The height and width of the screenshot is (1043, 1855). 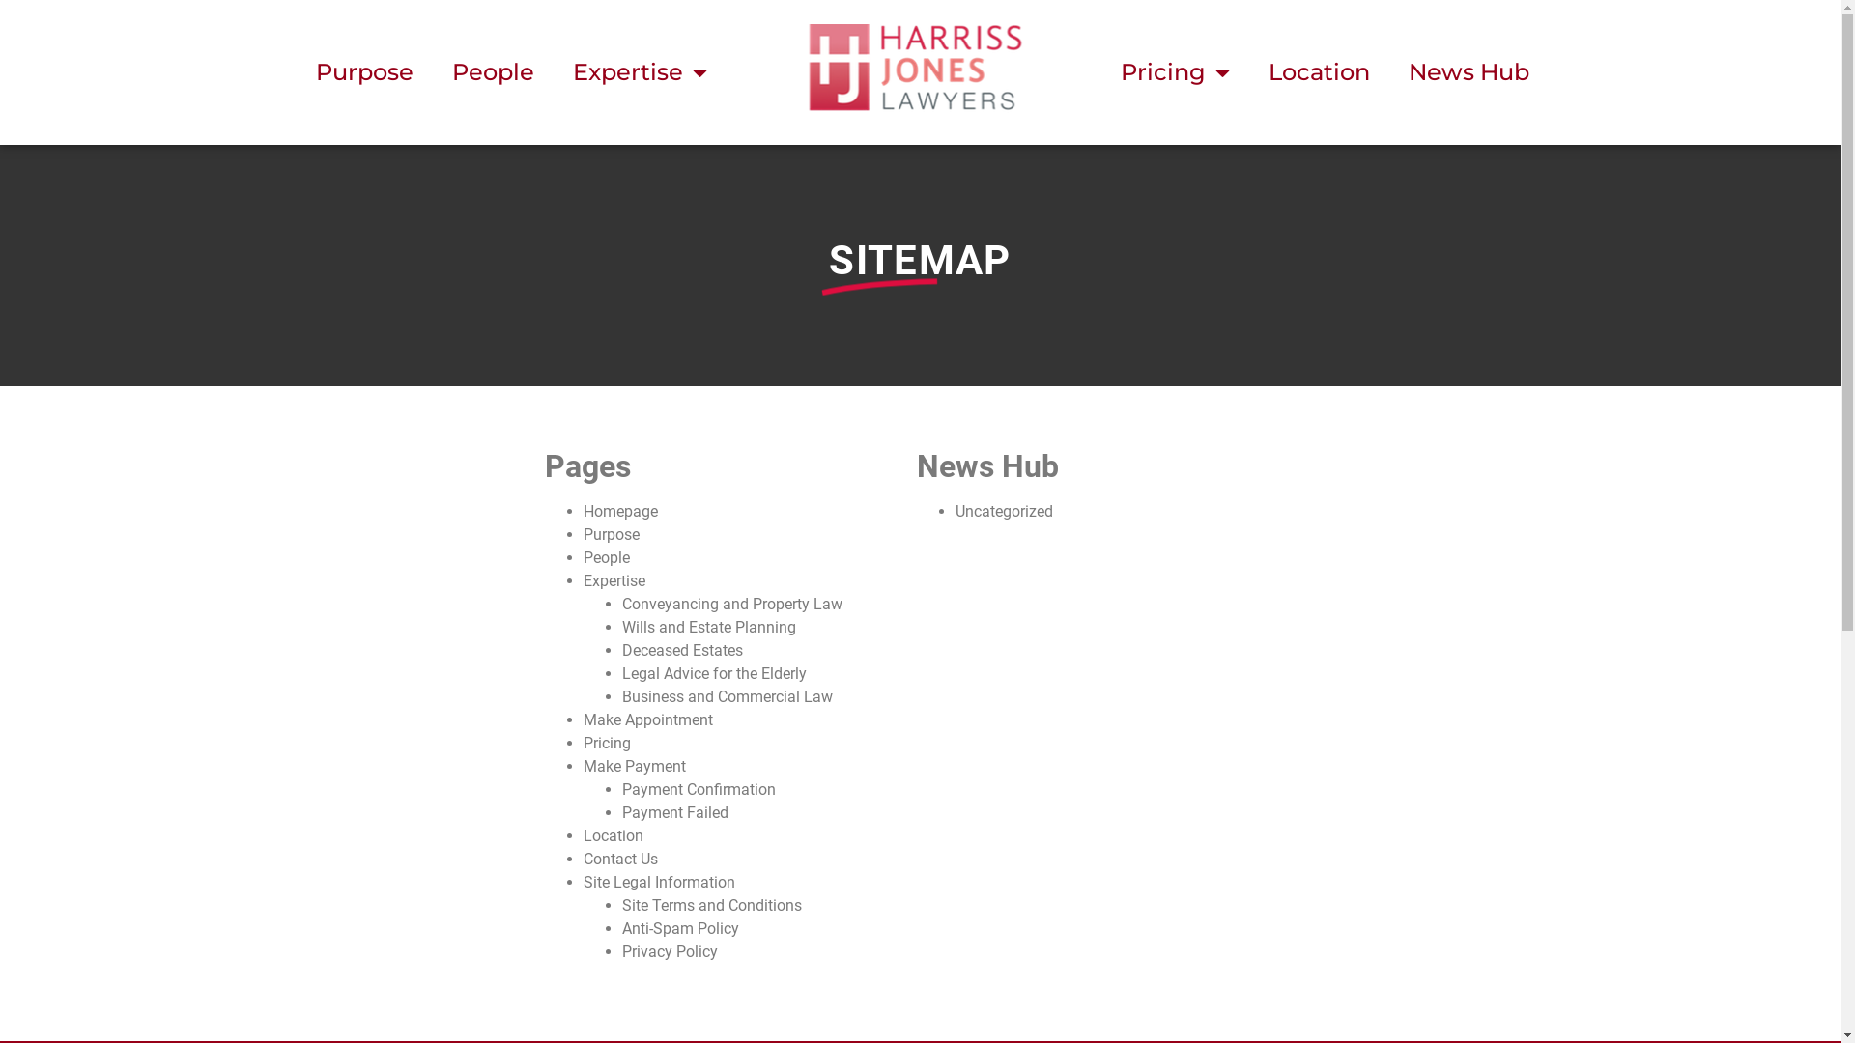 I want to click on 'Legal Advice for the Elderly', so click(x=713, y=672).